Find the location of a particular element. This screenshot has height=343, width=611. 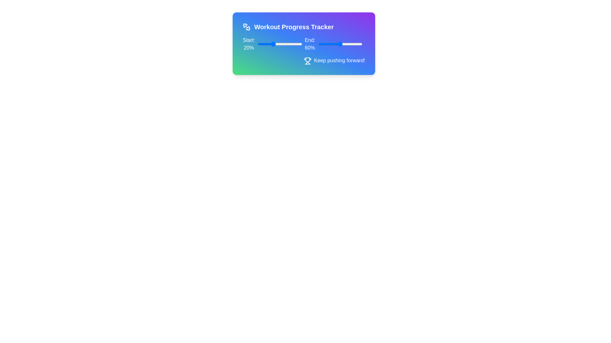

the stylized dumbbell icon located in the top-left corner of the Workout Progress Tracker card, which serves as a visual aid for the tracker is located at coordinates (245, 25).